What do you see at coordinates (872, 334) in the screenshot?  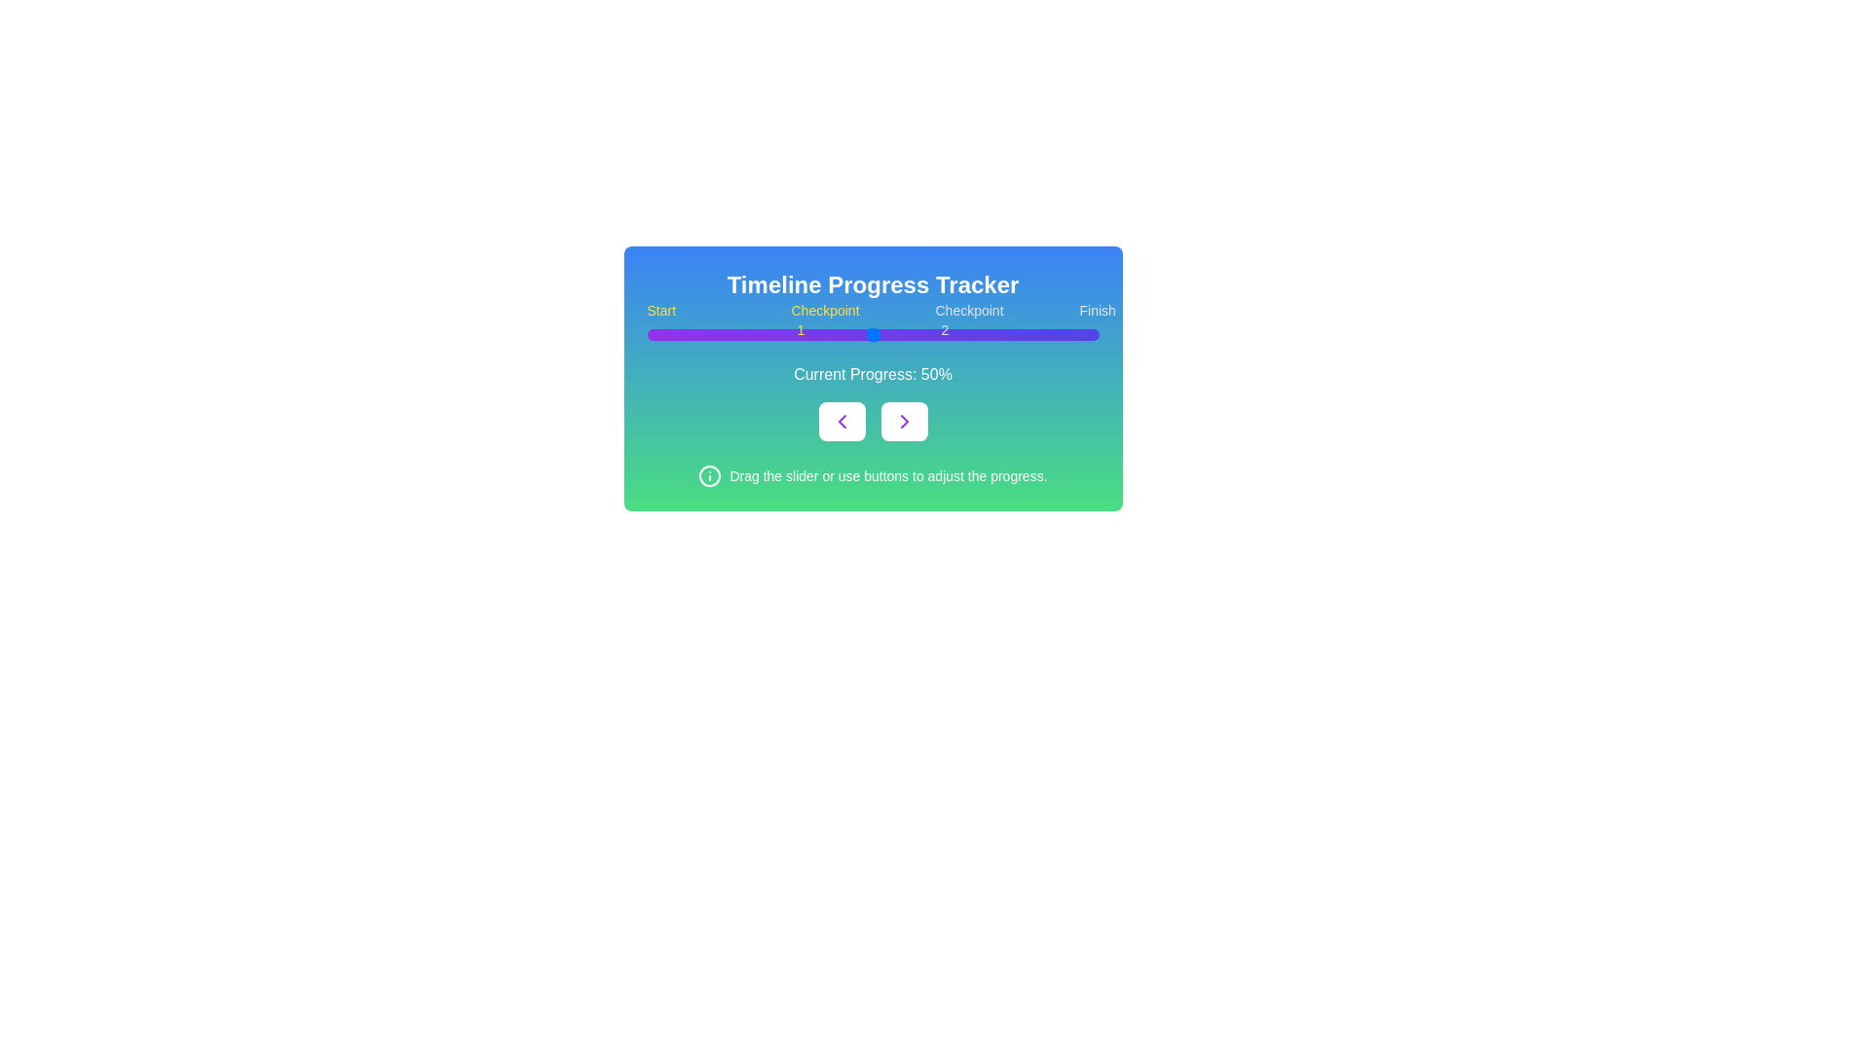 I see `the progress bar, which is a horizontal gradient track transitioning from purple` at bounding box center [872, 334].